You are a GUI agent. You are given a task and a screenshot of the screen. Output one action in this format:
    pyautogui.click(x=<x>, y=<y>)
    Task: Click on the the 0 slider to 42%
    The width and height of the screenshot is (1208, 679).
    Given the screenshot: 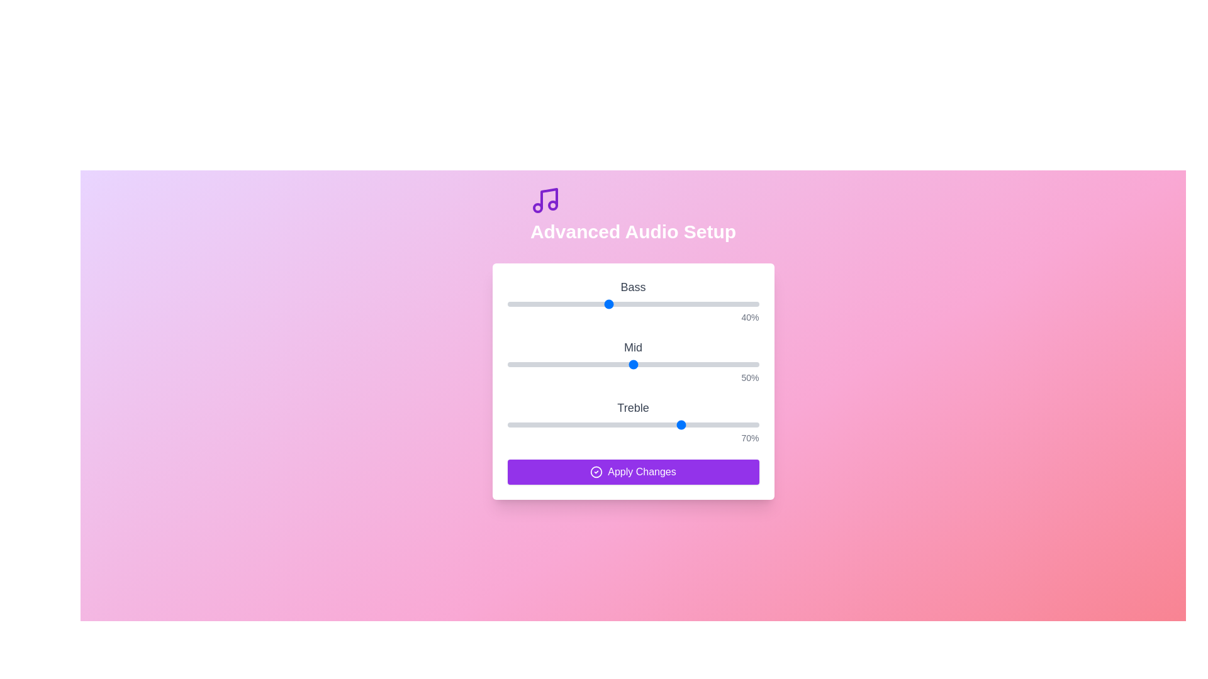 What is the action you would take?
    pyautogui.click(x=613, y=304)
    